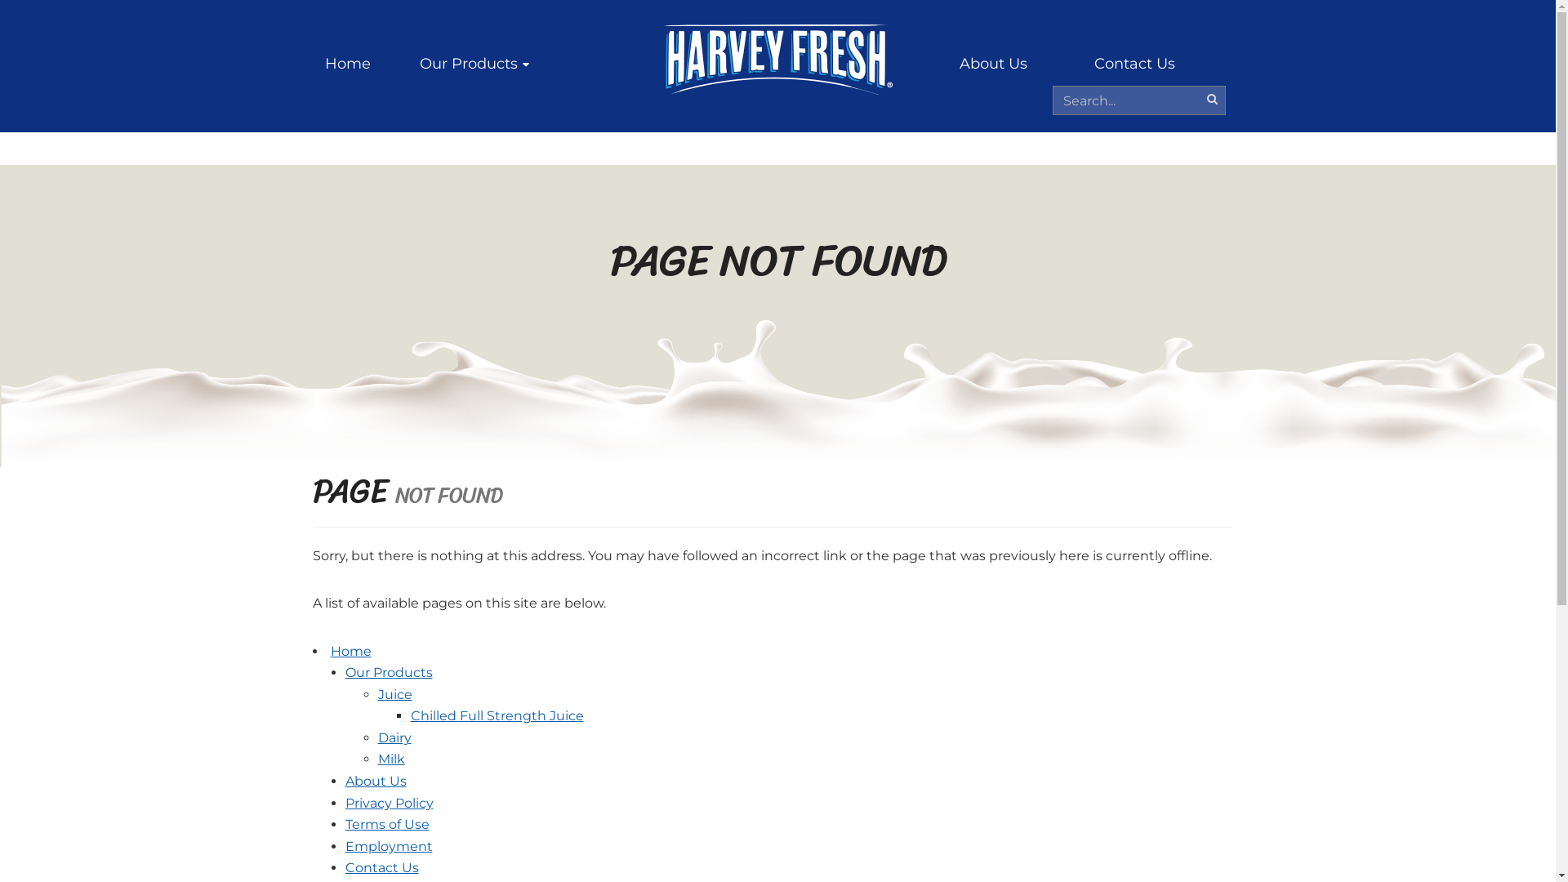 This screenshot has height=882, width=1568. What do you see at coordinates (394, 694) in the screenshot?
I see `'Juice'` at bounding box center [394, 694].